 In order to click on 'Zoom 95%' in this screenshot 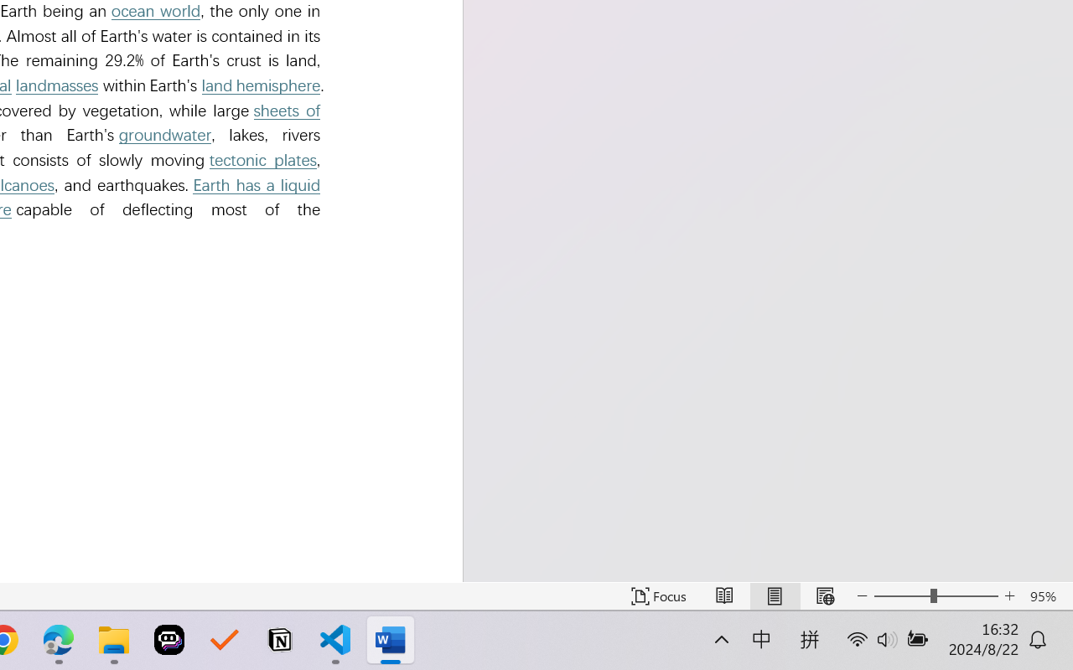, I will do `click(1046, 595)`.